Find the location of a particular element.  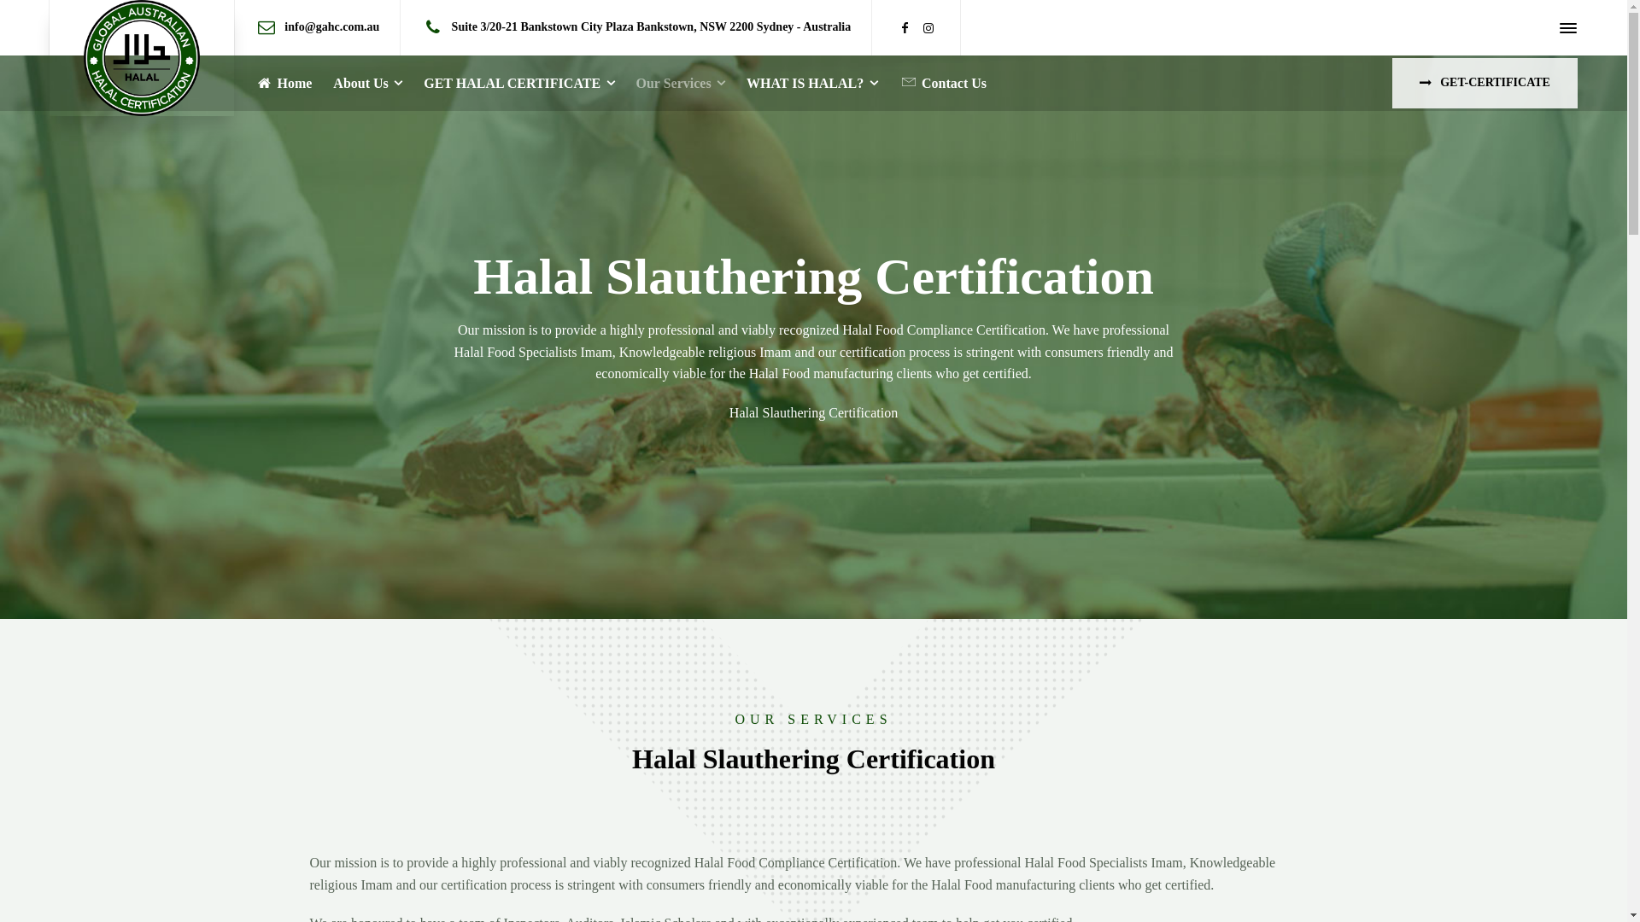

'Facebook' is located at coordinates (904, 28).